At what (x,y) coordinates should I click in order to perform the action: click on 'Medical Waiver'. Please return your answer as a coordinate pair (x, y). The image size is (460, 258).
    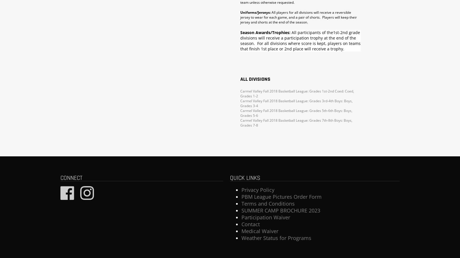
    Looking at the image, I should click on (260, 231).